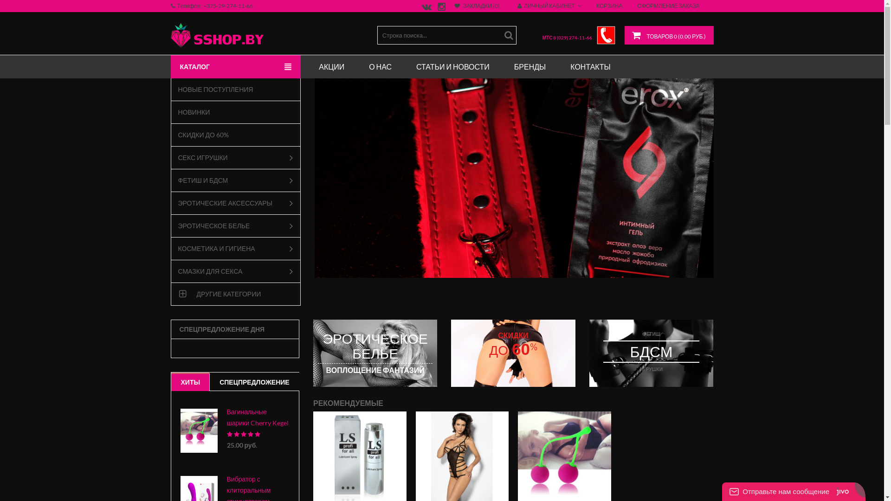  Describe the element at coordinates (217, 35) in the screenshot. I see `'sShop.by'` at that location.